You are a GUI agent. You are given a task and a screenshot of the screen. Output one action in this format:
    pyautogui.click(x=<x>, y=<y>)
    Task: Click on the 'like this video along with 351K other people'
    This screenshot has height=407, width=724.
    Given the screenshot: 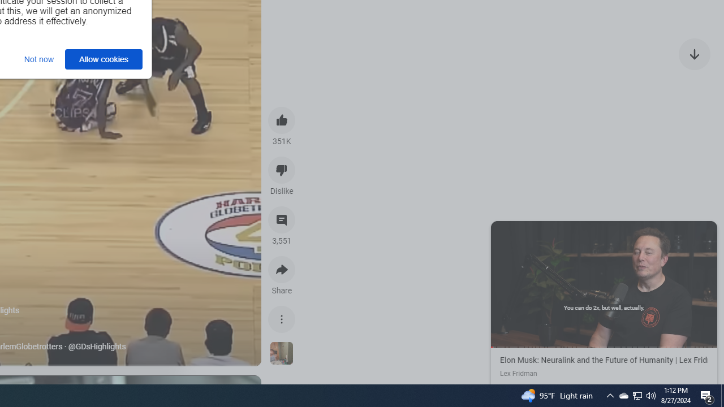 What is the action you would take?
    pyautogui.click(x=282, y=120)
    